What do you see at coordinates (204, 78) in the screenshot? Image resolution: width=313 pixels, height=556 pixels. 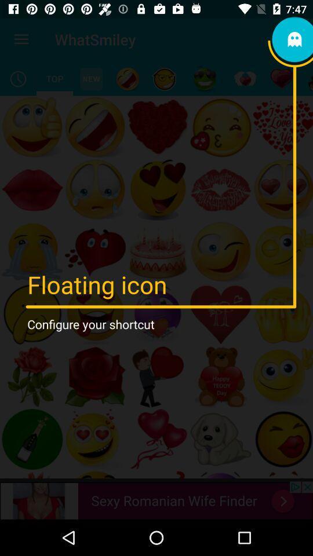 I see `emoji` at bounding box center [204, 78].